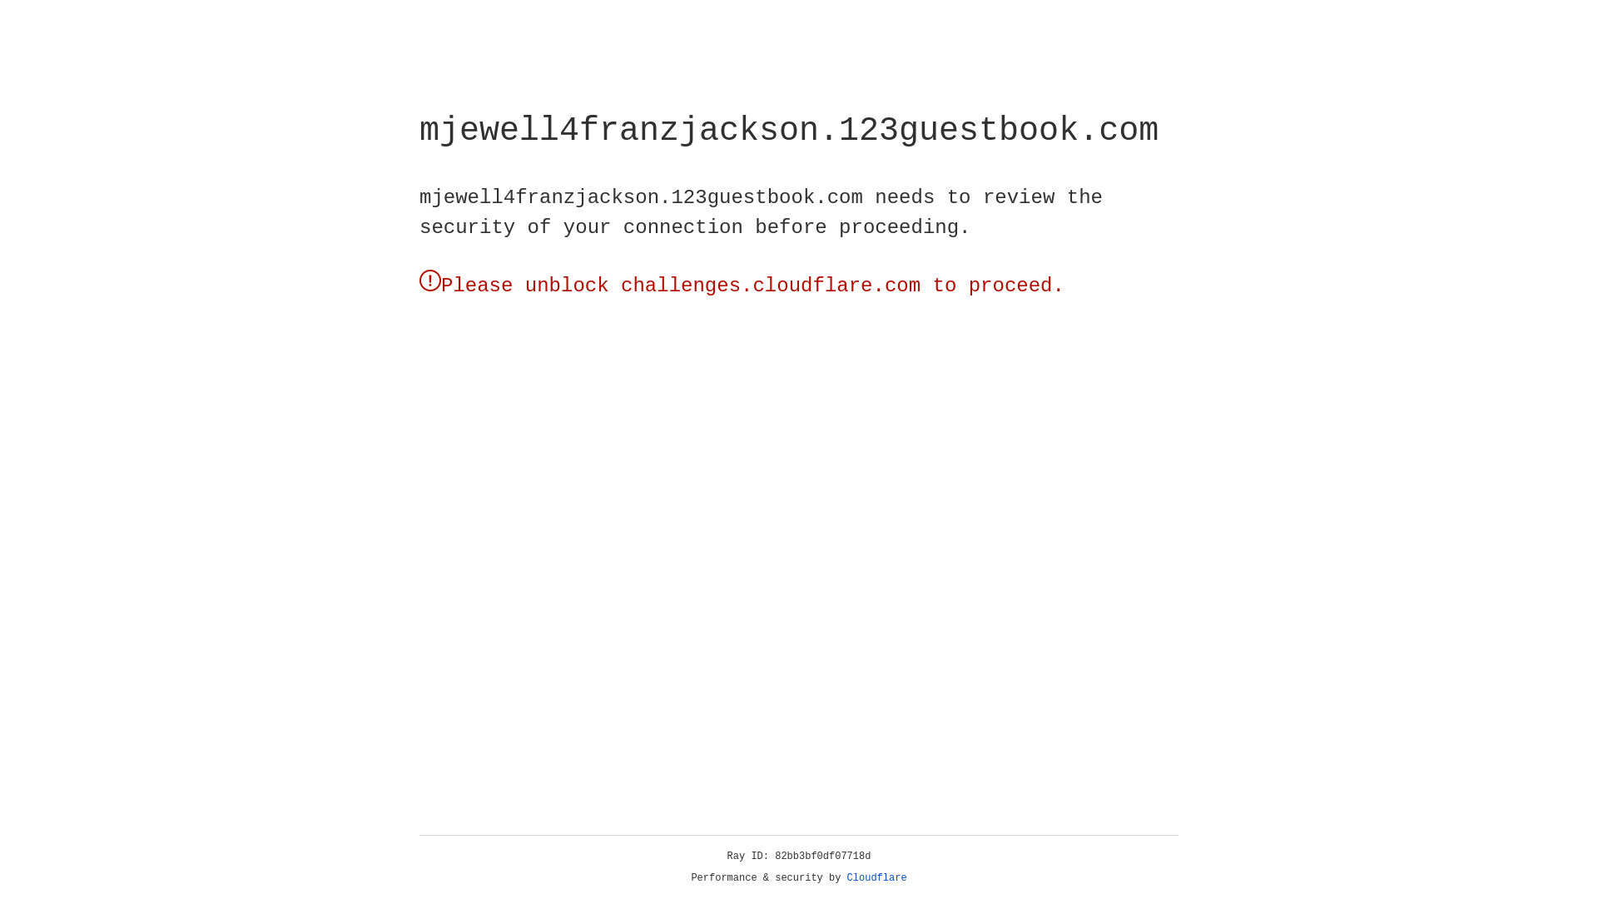  I want to click on 'Cloudflare', so click(876, 877).